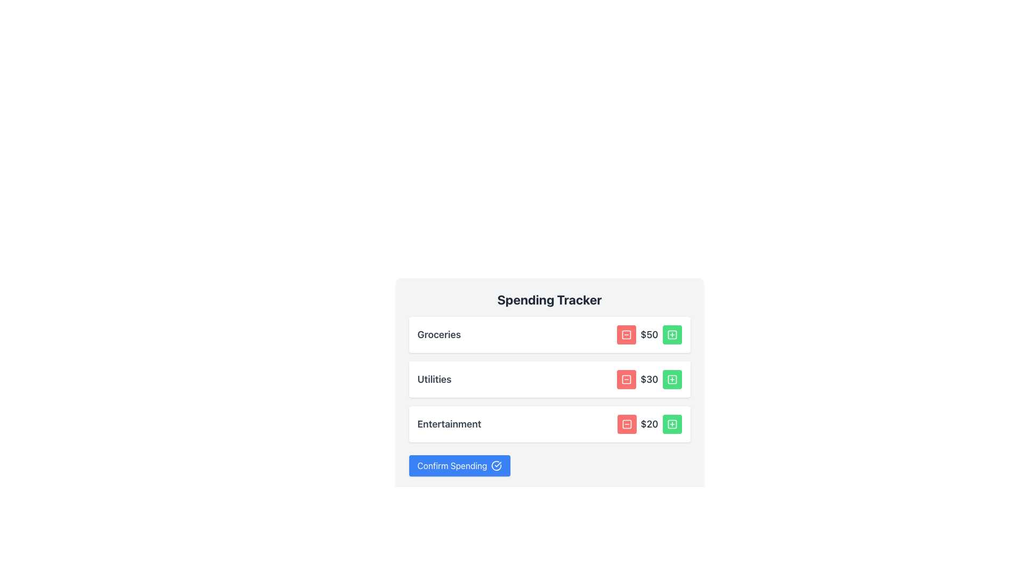 The image size is (1023, 575). What do you see at coordinates (627, 334) in the screenshot?
I see `the red square button with rounded corners featuring a white minus icon, located to the left of the '$50' text in the 'Groceries' row of the 'Spending Tracker' interface` at bounding box center [627, 334].